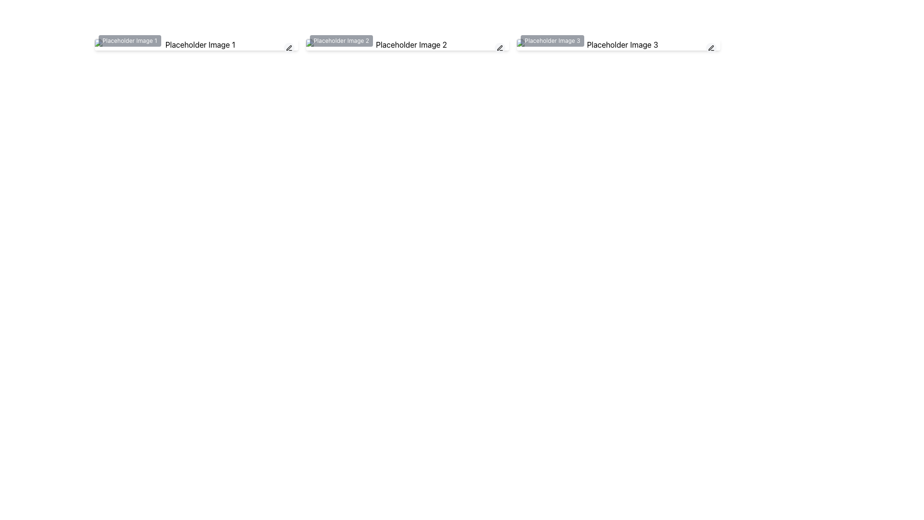 The image size is (924, 520). What do you see at coordinates (711, 48) in the screenshot?
I see `the pen icon located at the top-right corner of the card labeled 'Placeholder Image 3' to initiate editing` at bounding box center [711, 48].